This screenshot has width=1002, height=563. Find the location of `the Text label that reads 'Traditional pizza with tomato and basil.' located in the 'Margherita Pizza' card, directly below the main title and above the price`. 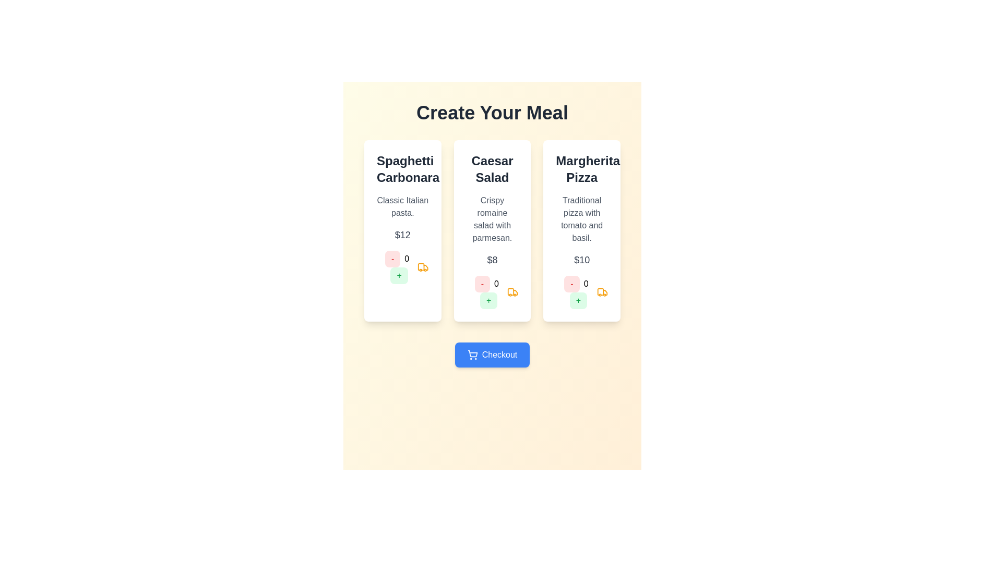

the Text label that reads 'Traditional pizza with tomato and basil.' located in the 'Margherita Pizza' card, directly below the main title and above the price is located at coordinates (581, 218).